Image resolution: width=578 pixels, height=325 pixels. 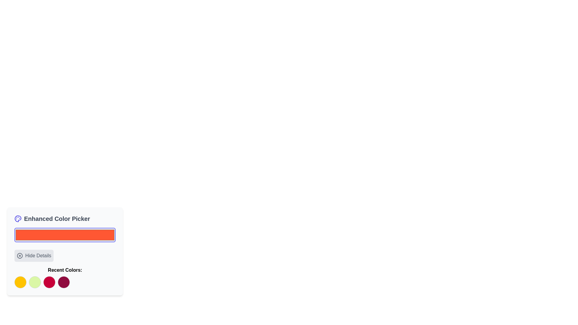 I want to click on the fourth circular color swatch, which is yellow, light green, bright pink, and dark maroon, so click(x=65, y=282).